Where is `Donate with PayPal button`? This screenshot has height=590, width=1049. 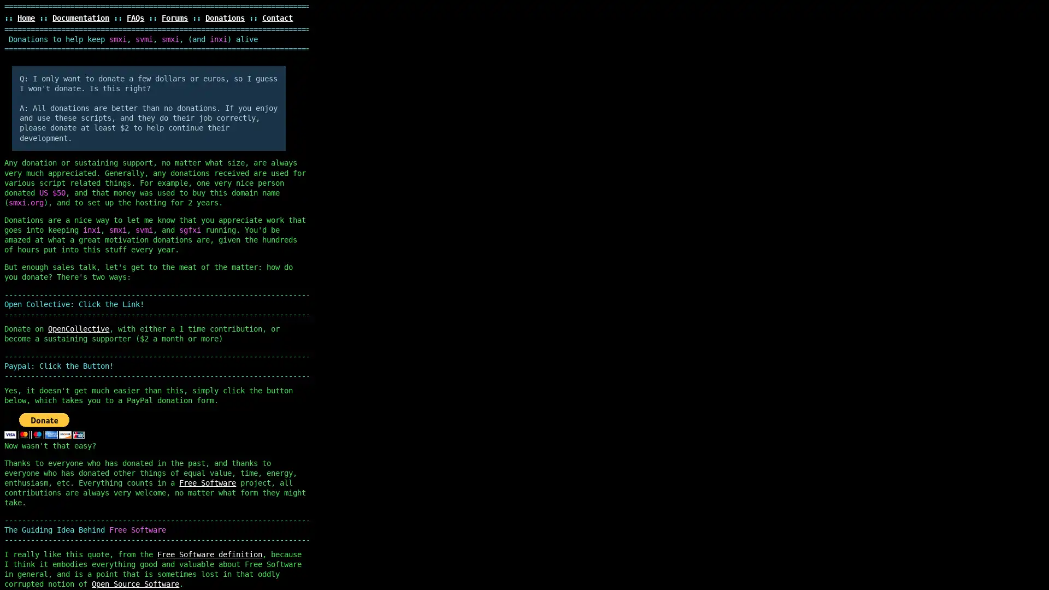 Donate with PayPal button is located at coordinates (44, 424).